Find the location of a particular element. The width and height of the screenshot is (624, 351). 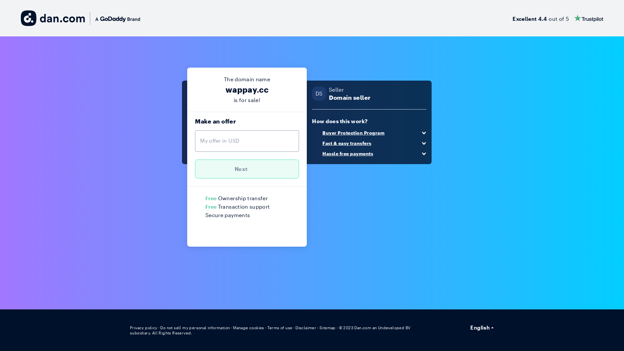

'English' is located at coordinates (482, 327).